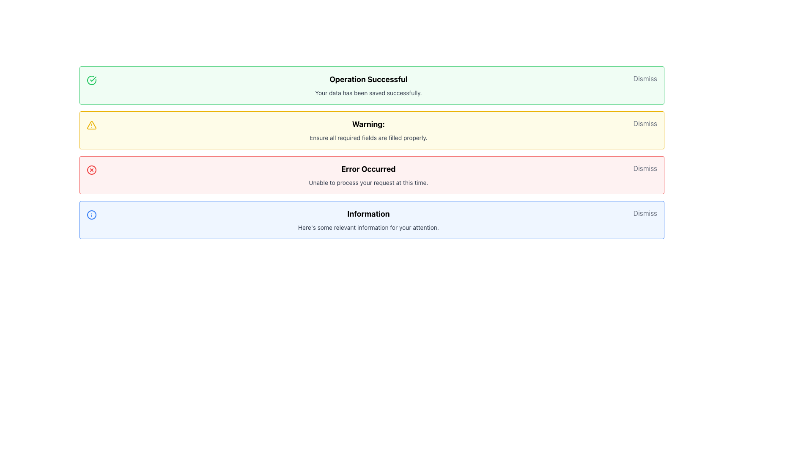 This screenshot has height=457, width=812. Describe the element at coordinates (368, 130) in the screenshot. I see `warning message displayed in the text area with a bold 'Warning:' header and a yellow background, indicating important information about filling required fields` at that location.